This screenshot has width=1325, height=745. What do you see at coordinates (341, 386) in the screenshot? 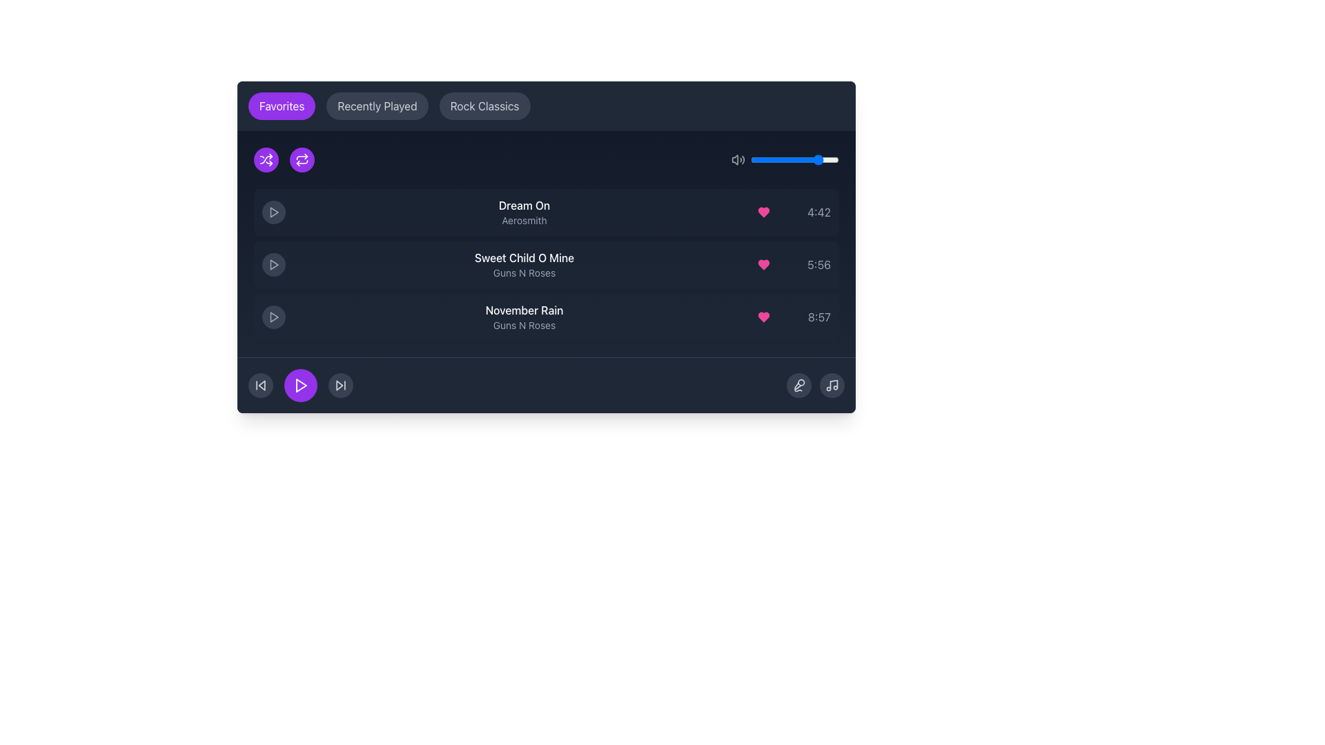
I see `the 'Skip Forward' button, which is a small graphic with a right-pointing arrow and a vertical bar, located in the bottom control panel of the player interface` at bounding box center [341, 386].